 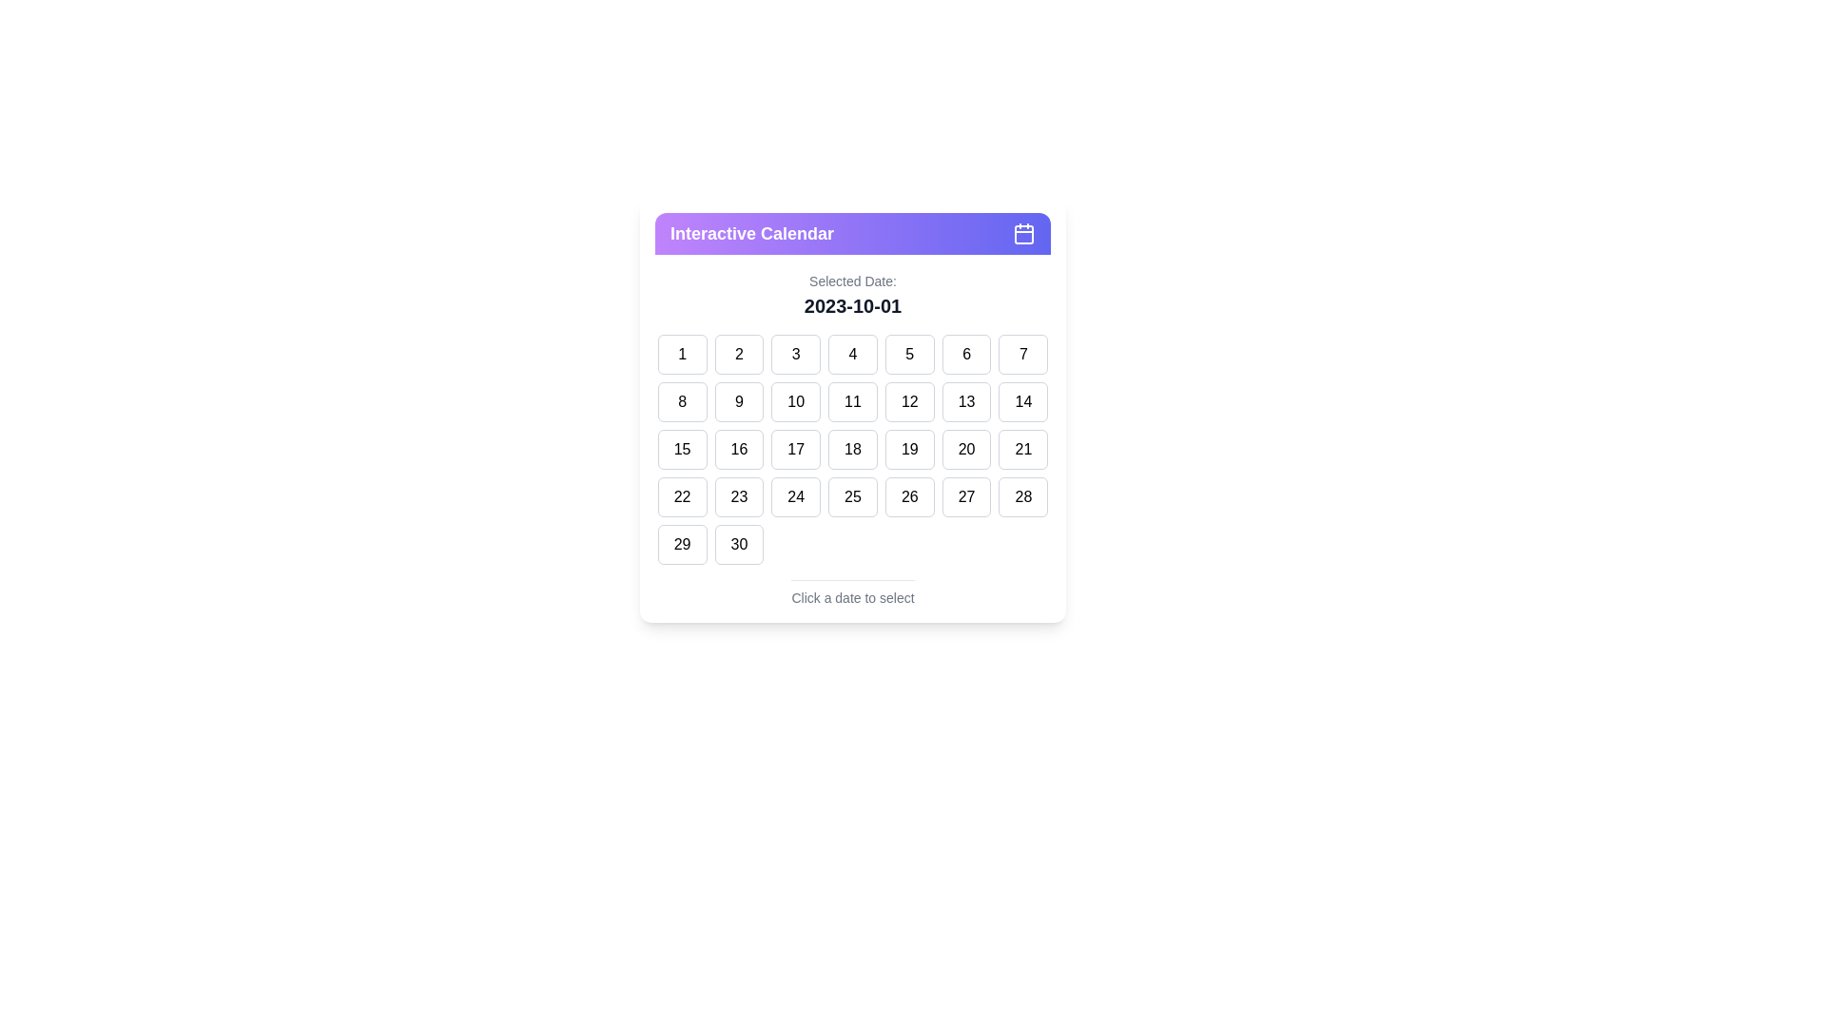 What do you see at coordinates (682, 545) in the screenshot?
I see `the button labeled '29' located in the second-to-last row of the 'Interactive Calendar' section` at bounding box center [682, 545].